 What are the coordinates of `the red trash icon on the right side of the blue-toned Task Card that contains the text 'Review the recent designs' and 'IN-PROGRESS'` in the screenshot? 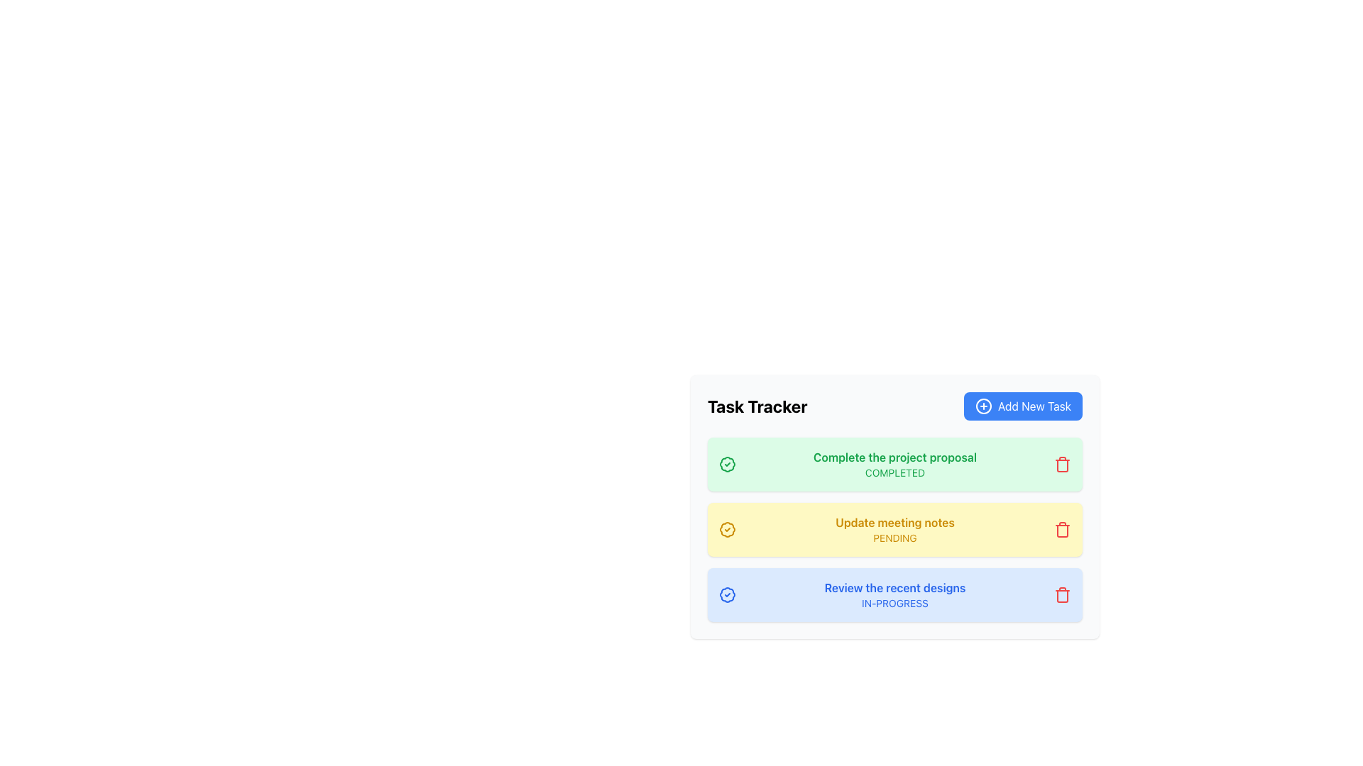 It's located at (894, 595).